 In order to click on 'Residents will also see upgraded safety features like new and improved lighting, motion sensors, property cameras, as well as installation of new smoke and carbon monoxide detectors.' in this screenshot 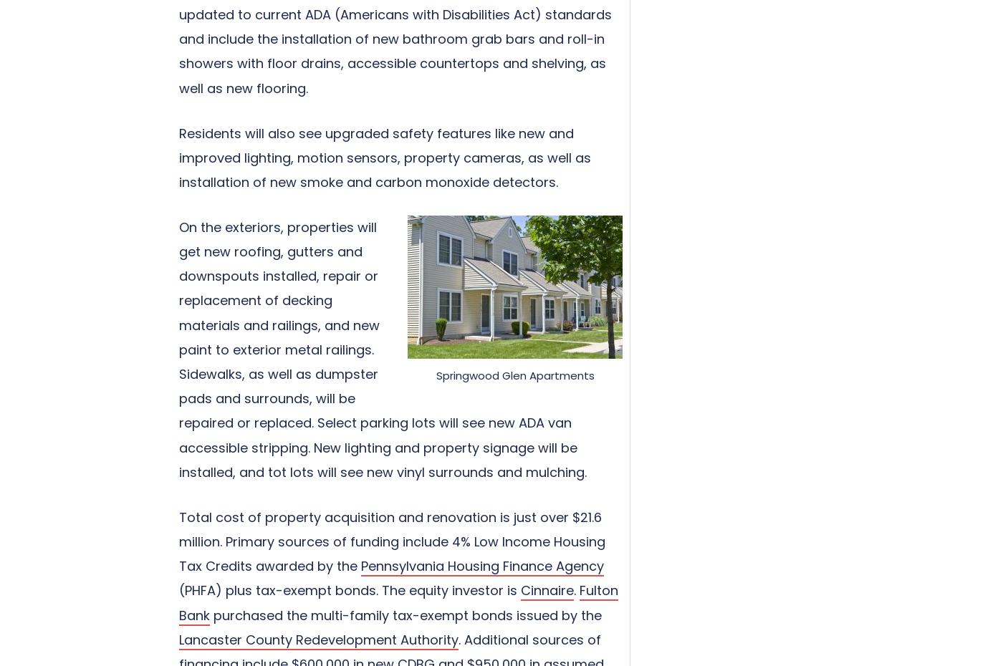, I will do `click(179, 156)`.